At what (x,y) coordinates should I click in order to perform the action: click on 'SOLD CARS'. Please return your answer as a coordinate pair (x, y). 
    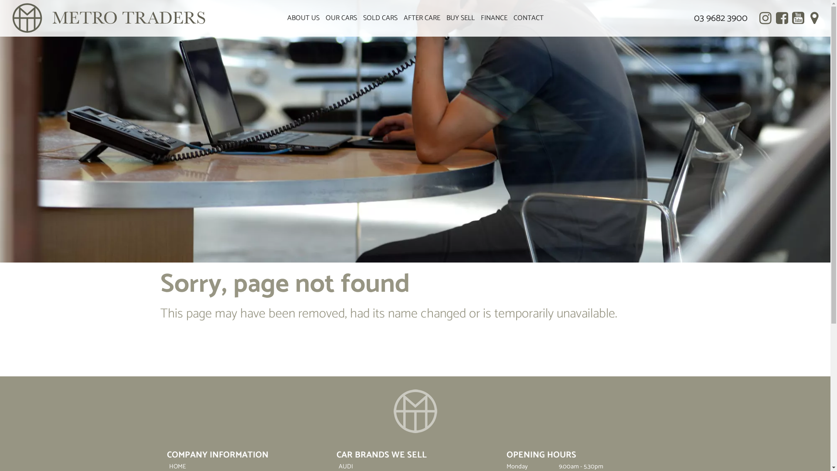
    Looking at the image, I should click on (380, 18).